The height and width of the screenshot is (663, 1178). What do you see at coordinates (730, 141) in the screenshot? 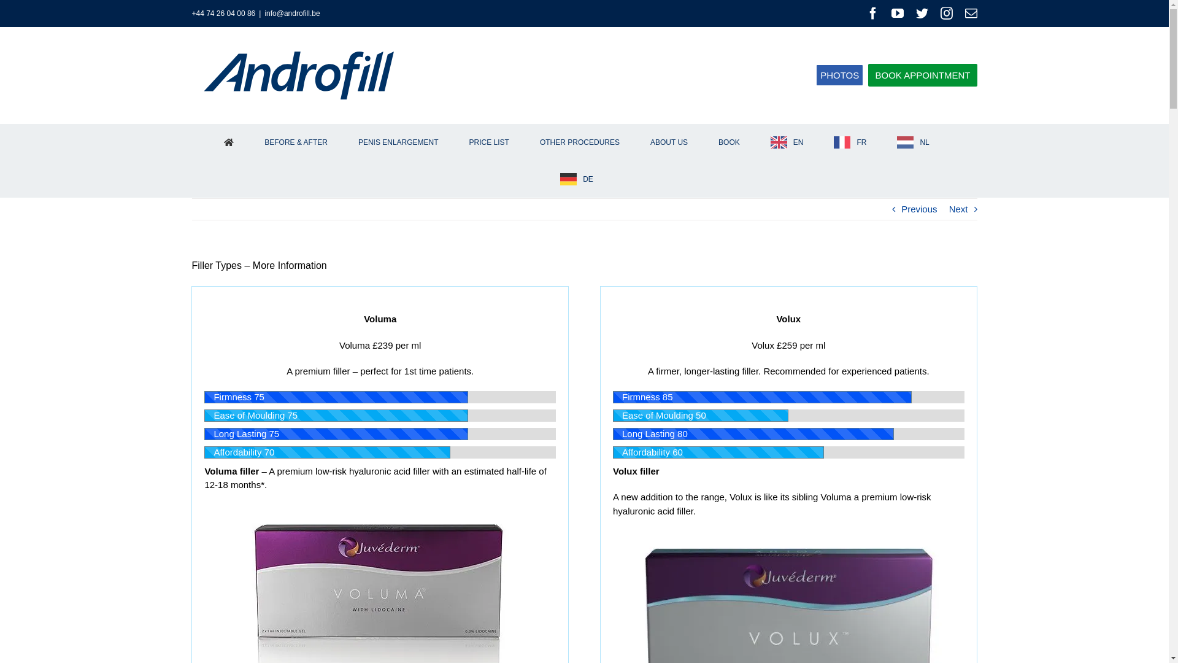
I see `'BOOK'` at bounding box center [730, 141].